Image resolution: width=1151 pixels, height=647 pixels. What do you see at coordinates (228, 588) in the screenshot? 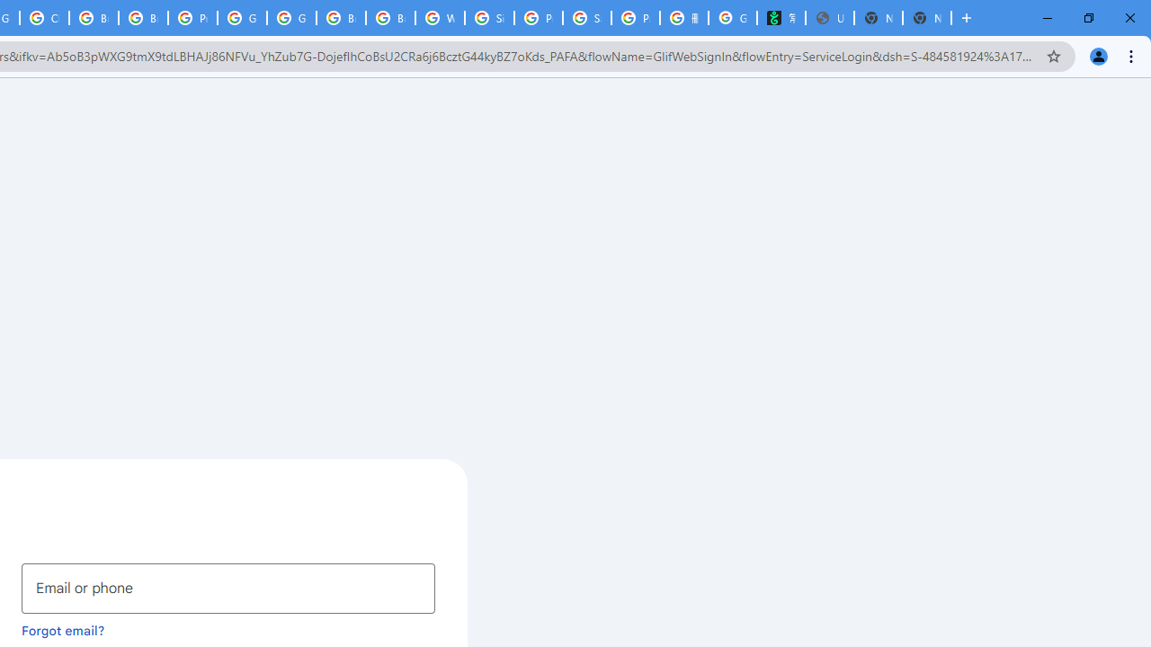
I see `'Email or phone'` at bounding box center [228, 588].